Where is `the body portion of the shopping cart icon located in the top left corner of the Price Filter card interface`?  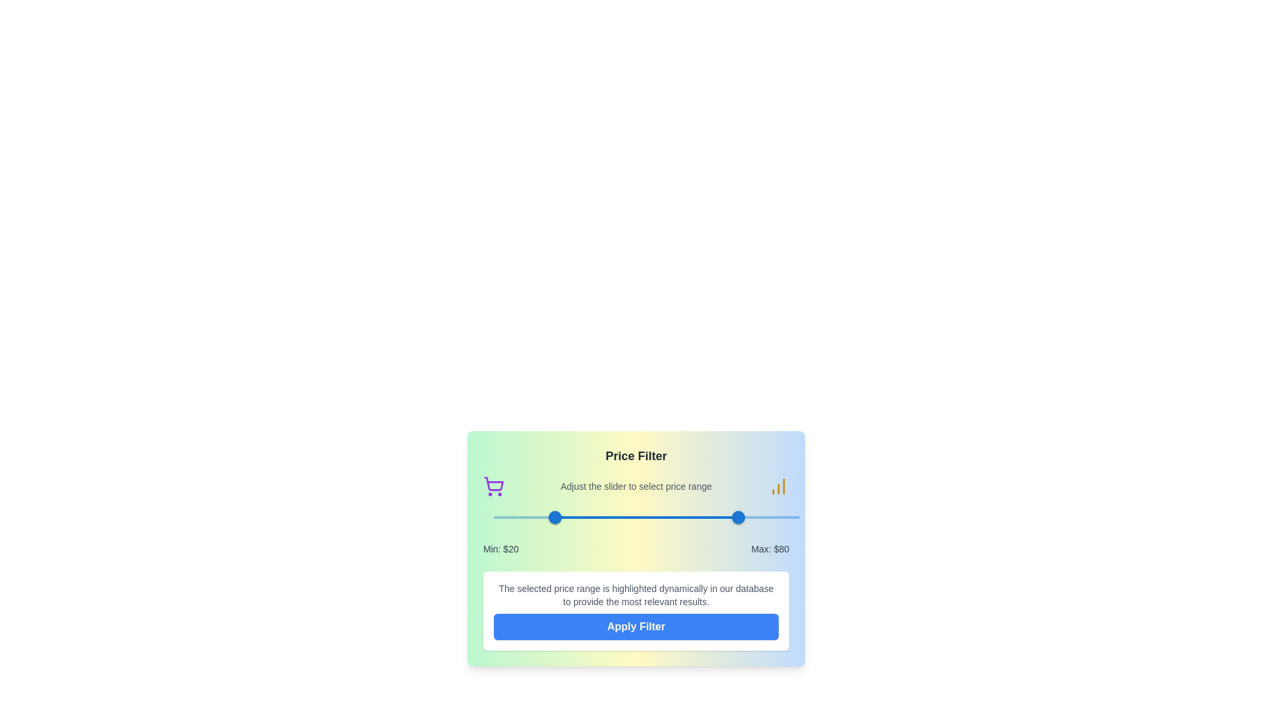 the body portion of the shopping cart icon located in the top left corner of the Price Filter card interface is located at coordinates (493, 484).